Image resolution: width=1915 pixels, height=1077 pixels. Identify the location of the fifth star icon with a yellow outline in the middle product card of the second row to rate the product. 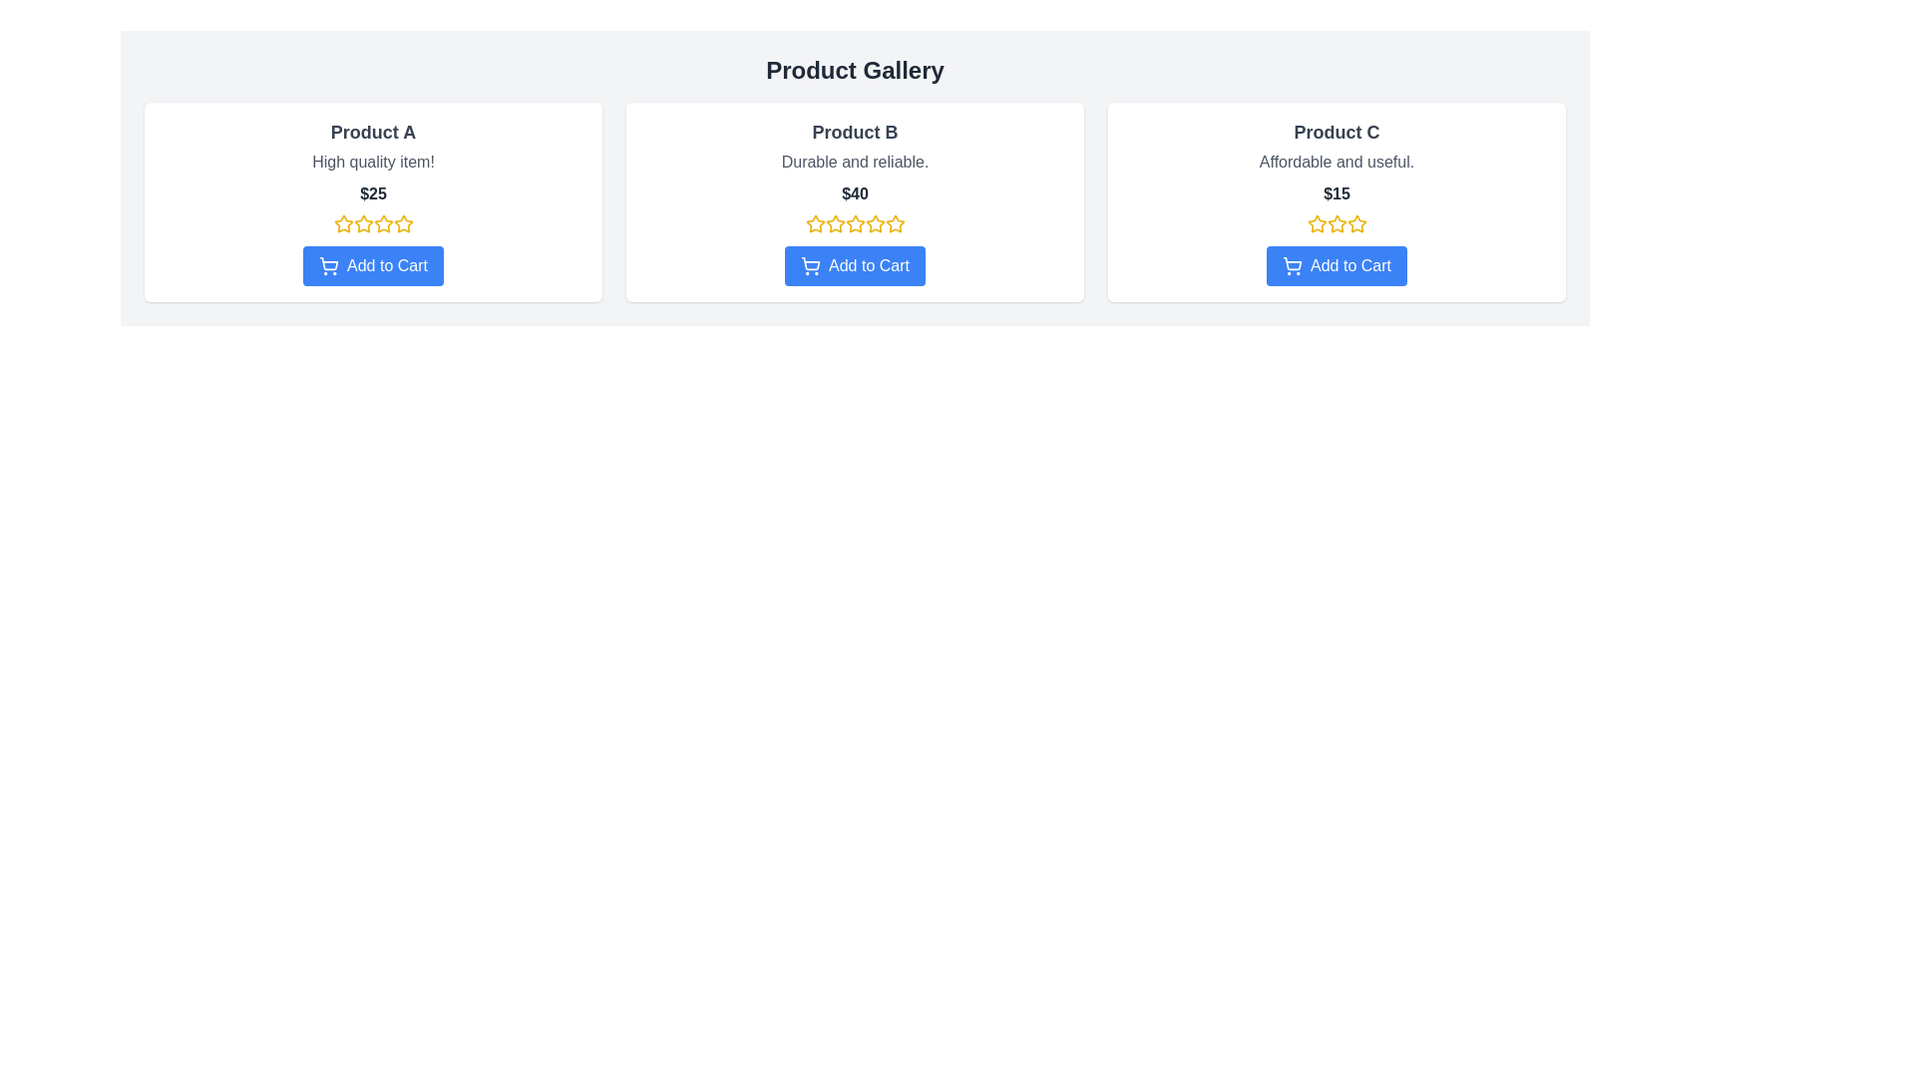
(894, 223).